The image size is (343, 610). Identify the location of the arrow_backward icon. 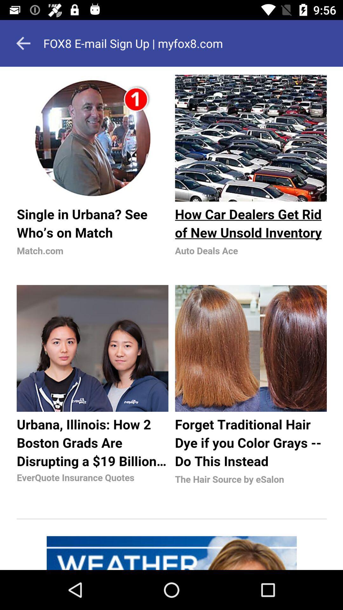
(23, 43).